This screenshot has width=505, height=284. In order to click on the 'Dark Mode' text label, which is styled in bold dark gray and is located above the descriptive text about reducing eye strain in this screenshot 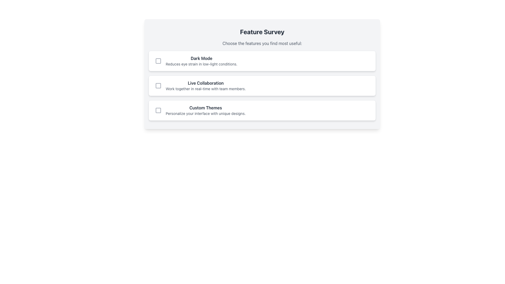, I will do `click(201, 58)`.